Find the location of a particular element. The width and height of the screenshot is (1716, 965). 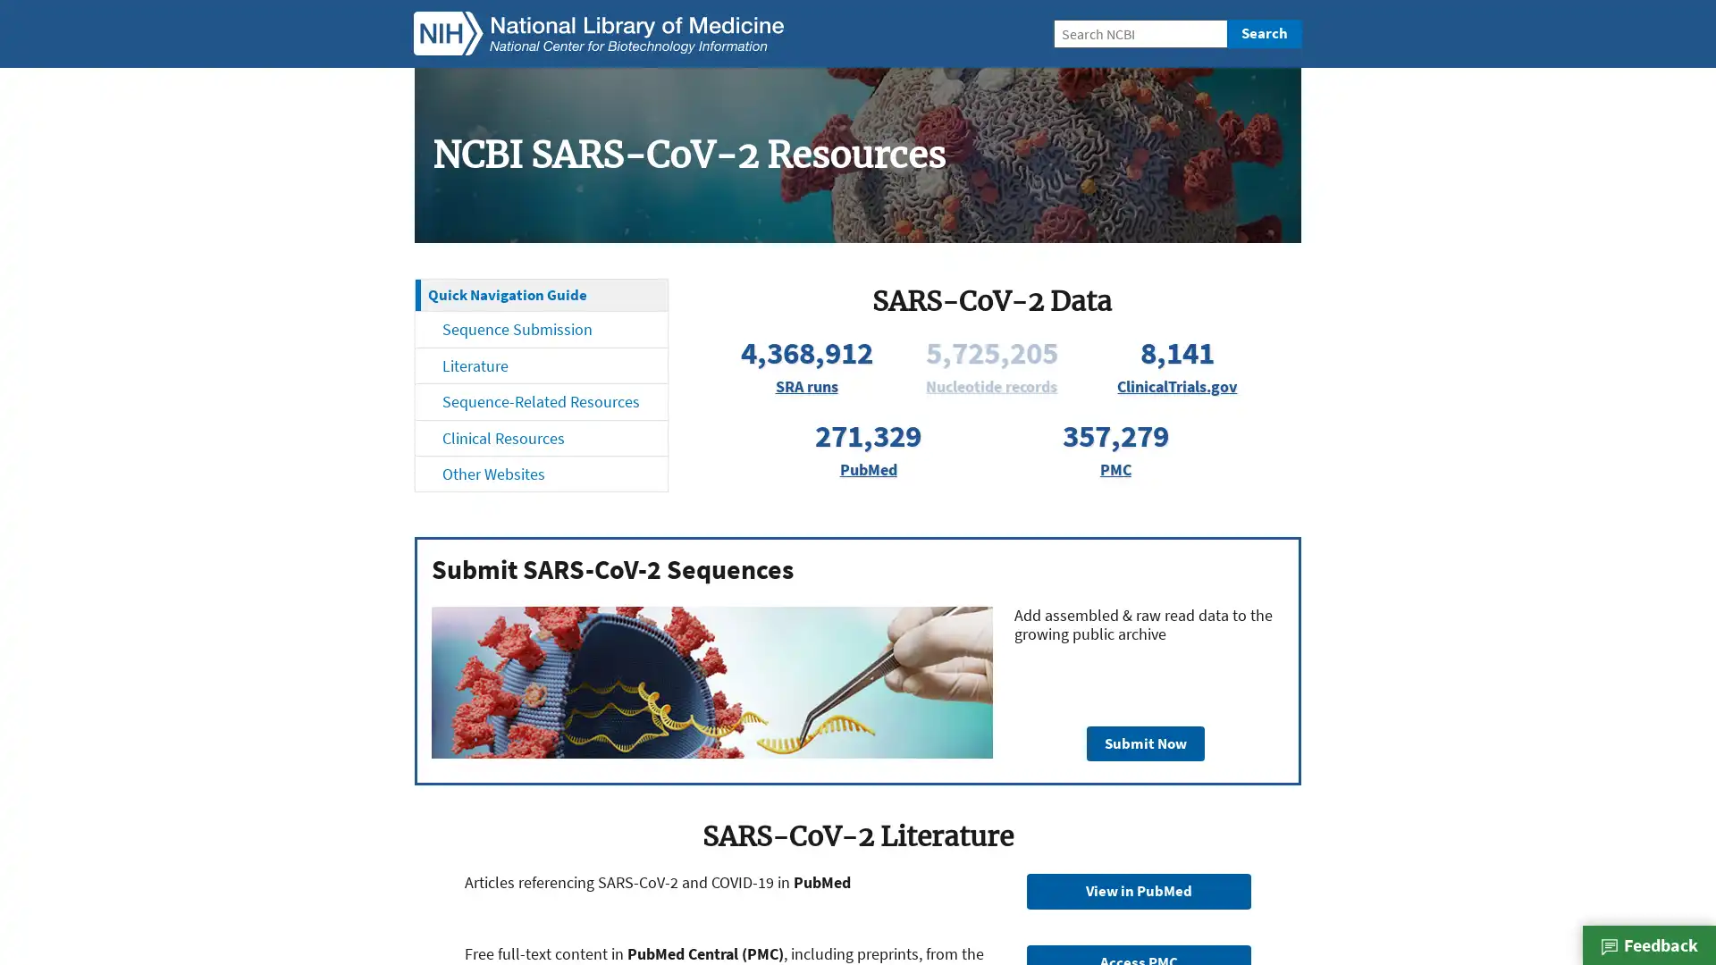

Search is located at coordinates (1264, 34).